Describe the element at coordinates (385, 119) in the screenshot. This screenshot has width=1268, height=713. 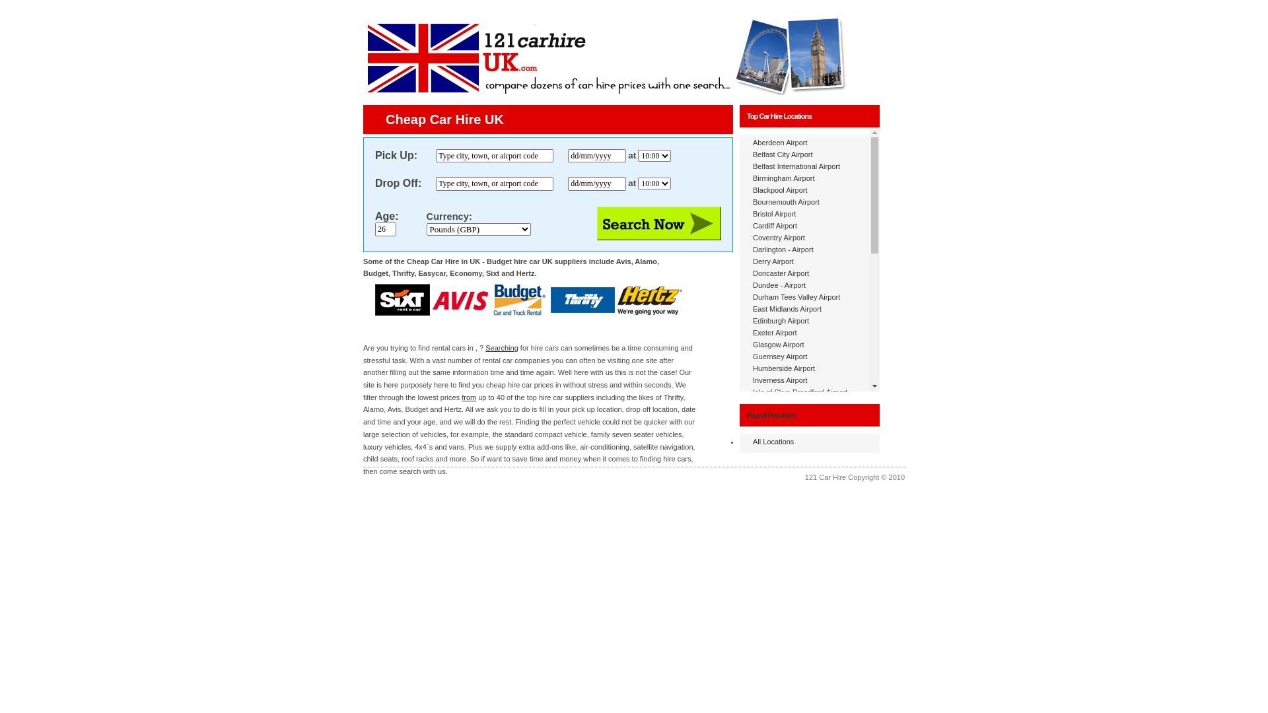
I see `'Cheap Car Hire UK'` at that location.